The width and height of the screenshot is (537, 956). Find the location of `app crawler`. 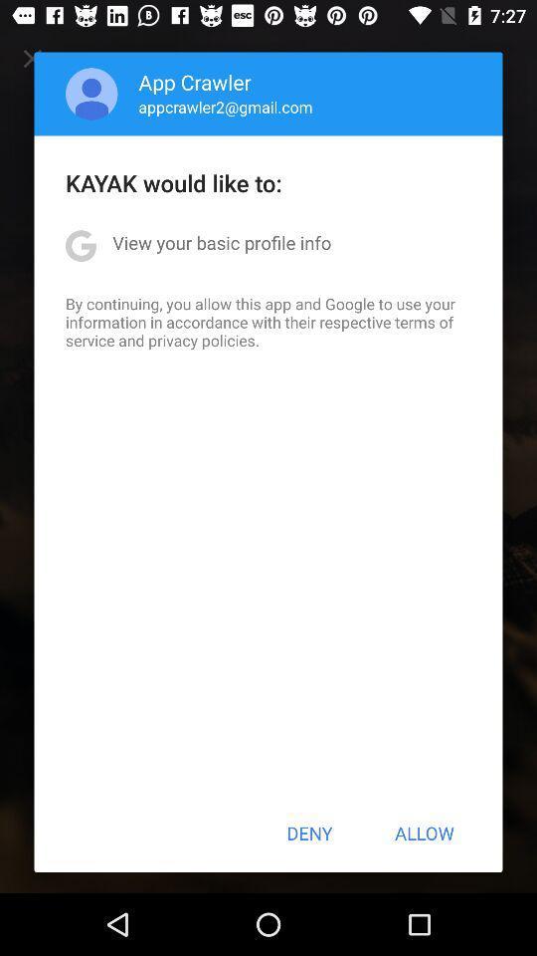

app crawler is located at coordinates (195, 82).